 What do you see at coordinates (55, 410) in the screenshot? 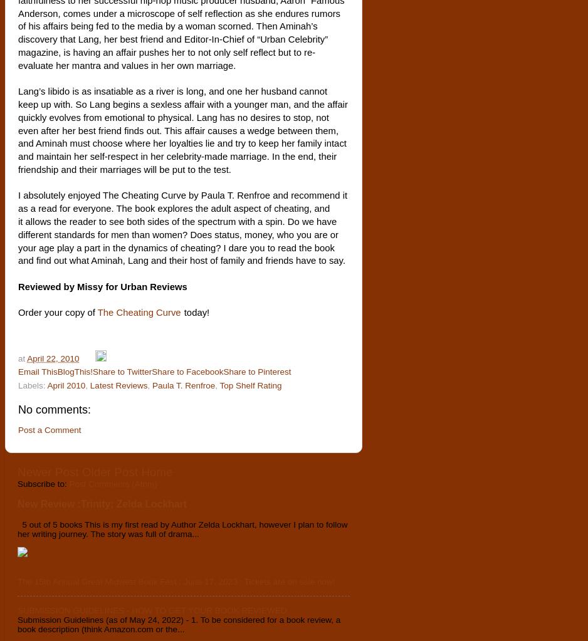
I see `'No comments:'` at bounding box center [55, 410].